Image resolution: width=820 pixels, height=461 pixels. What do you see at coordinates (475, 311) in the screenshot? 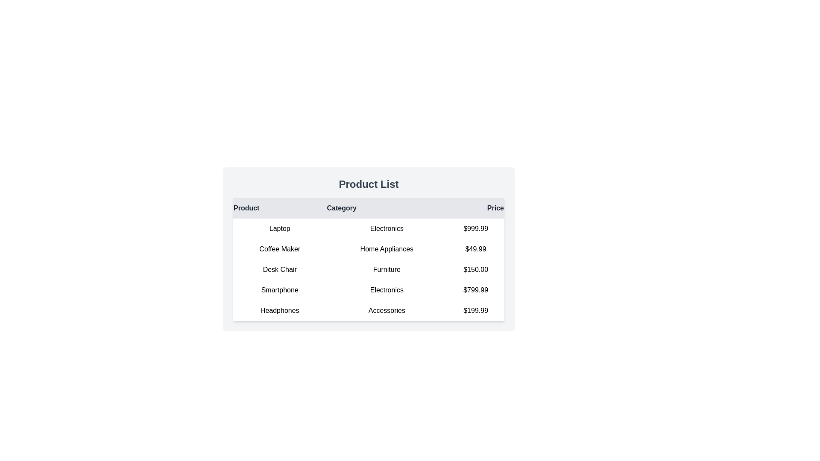
I see `the static text element displaying '$199.99' in the last column of the 'Product List' table, which is aligned with 'Headphones' and 'Accessories'` at bounding box center [475, 311].